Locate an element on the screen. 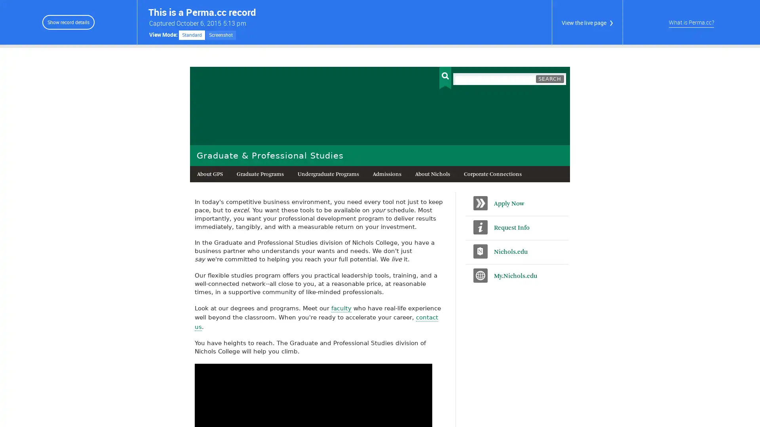  Show record details is located at coordinates (68, 22).